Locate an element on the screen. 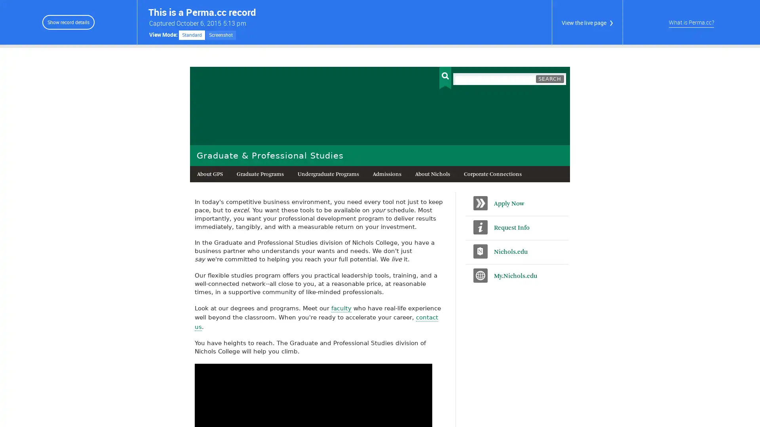  Show record details is located at coordinates (68, 22).